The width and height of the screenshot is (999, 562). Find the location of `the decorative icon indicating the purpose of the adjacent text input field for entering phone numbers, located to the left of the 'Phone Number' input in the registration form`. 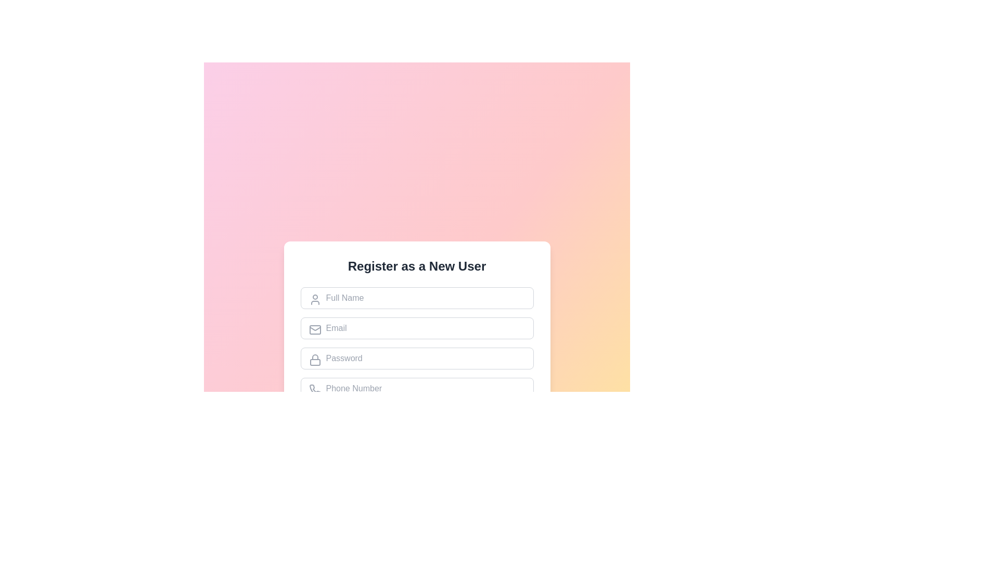

the decorative icon indicating the purpose of the adjacent text input field for entering phone numbers, located to the left of the 'Phone Number' input in the registration form is located at coordinates (314, 390).